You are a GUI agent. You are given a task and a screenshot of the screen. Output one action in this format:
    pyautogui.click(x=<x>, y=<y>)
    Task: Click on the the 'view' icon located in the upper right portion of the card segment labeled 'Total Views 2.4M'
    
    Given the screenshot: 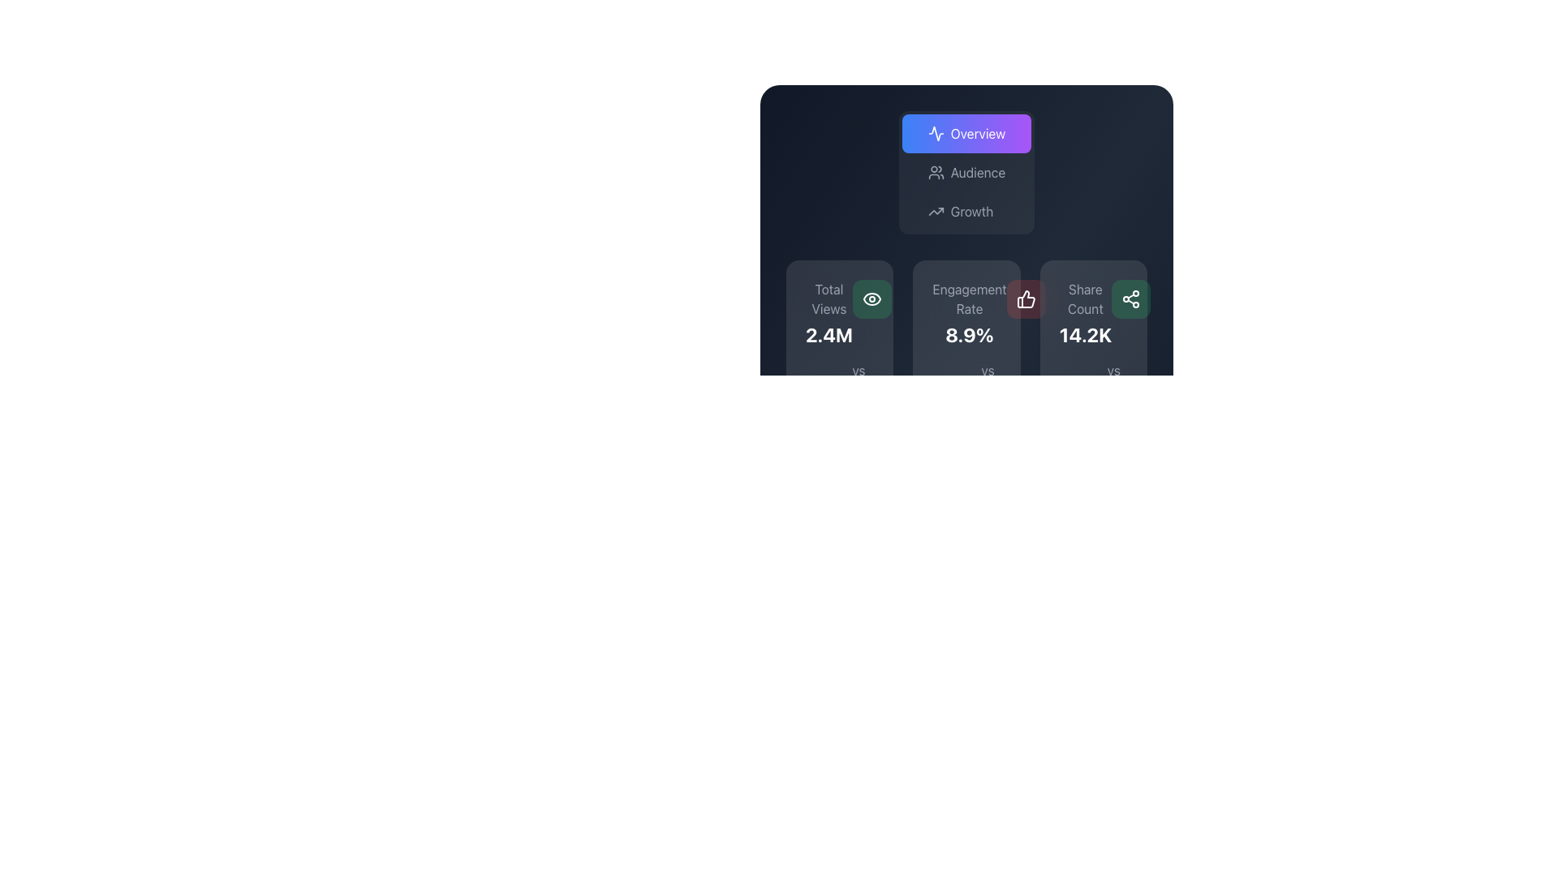 What is the action you would take?
    pyautogui.click(x=871, y=299)
    